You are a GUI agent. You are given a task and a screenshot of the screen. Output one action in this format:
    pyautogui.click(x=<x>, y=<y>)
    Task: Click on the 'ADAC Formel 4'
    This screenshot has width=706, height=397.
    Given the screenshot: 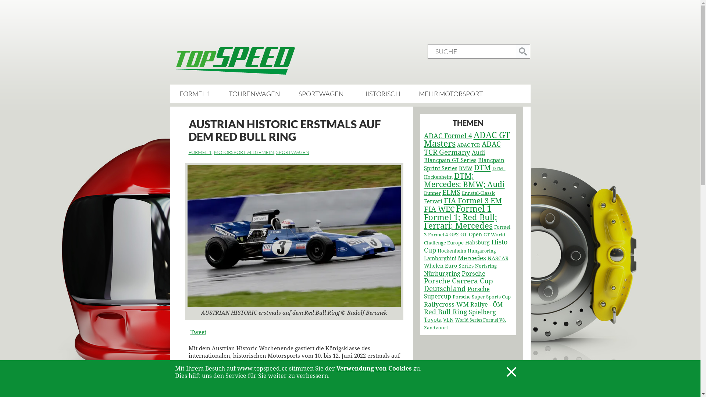 What is the action you would take?
    pyautogui.click(x=447, y=136)
    